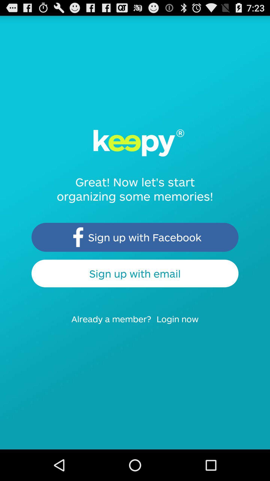  I want to click on login now, so click(181, 324).